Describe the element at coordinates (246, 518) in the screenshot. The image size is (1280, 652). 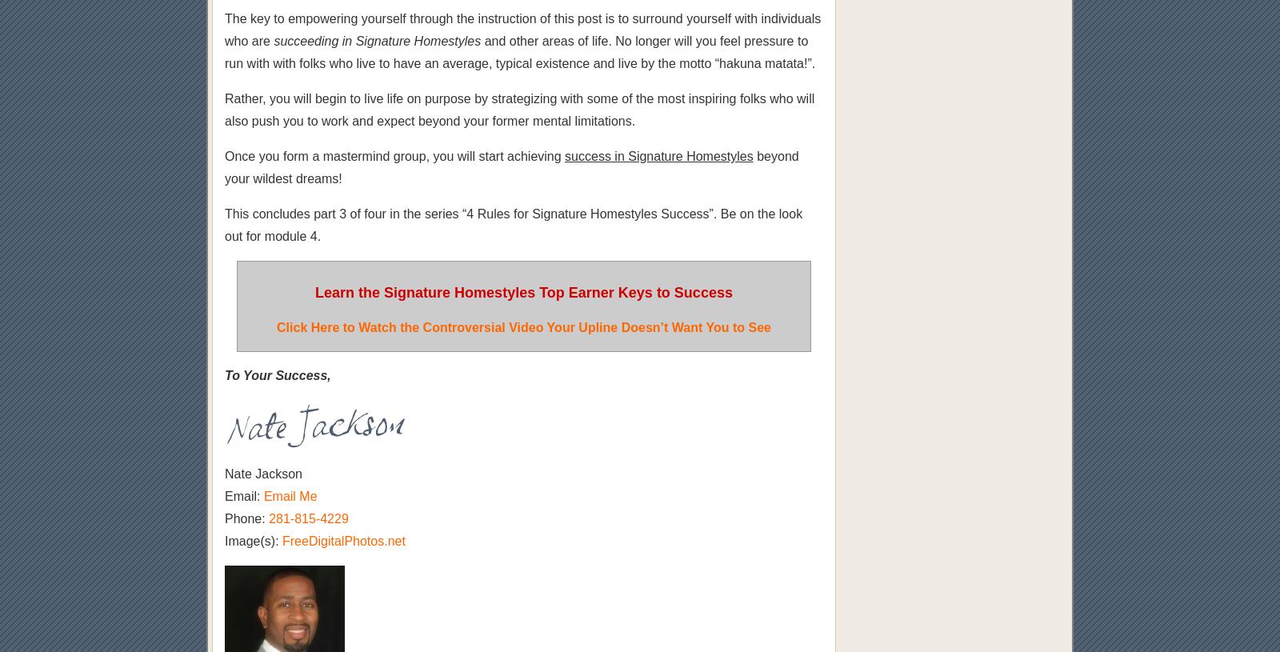
I see `'Phone:'` at that location.